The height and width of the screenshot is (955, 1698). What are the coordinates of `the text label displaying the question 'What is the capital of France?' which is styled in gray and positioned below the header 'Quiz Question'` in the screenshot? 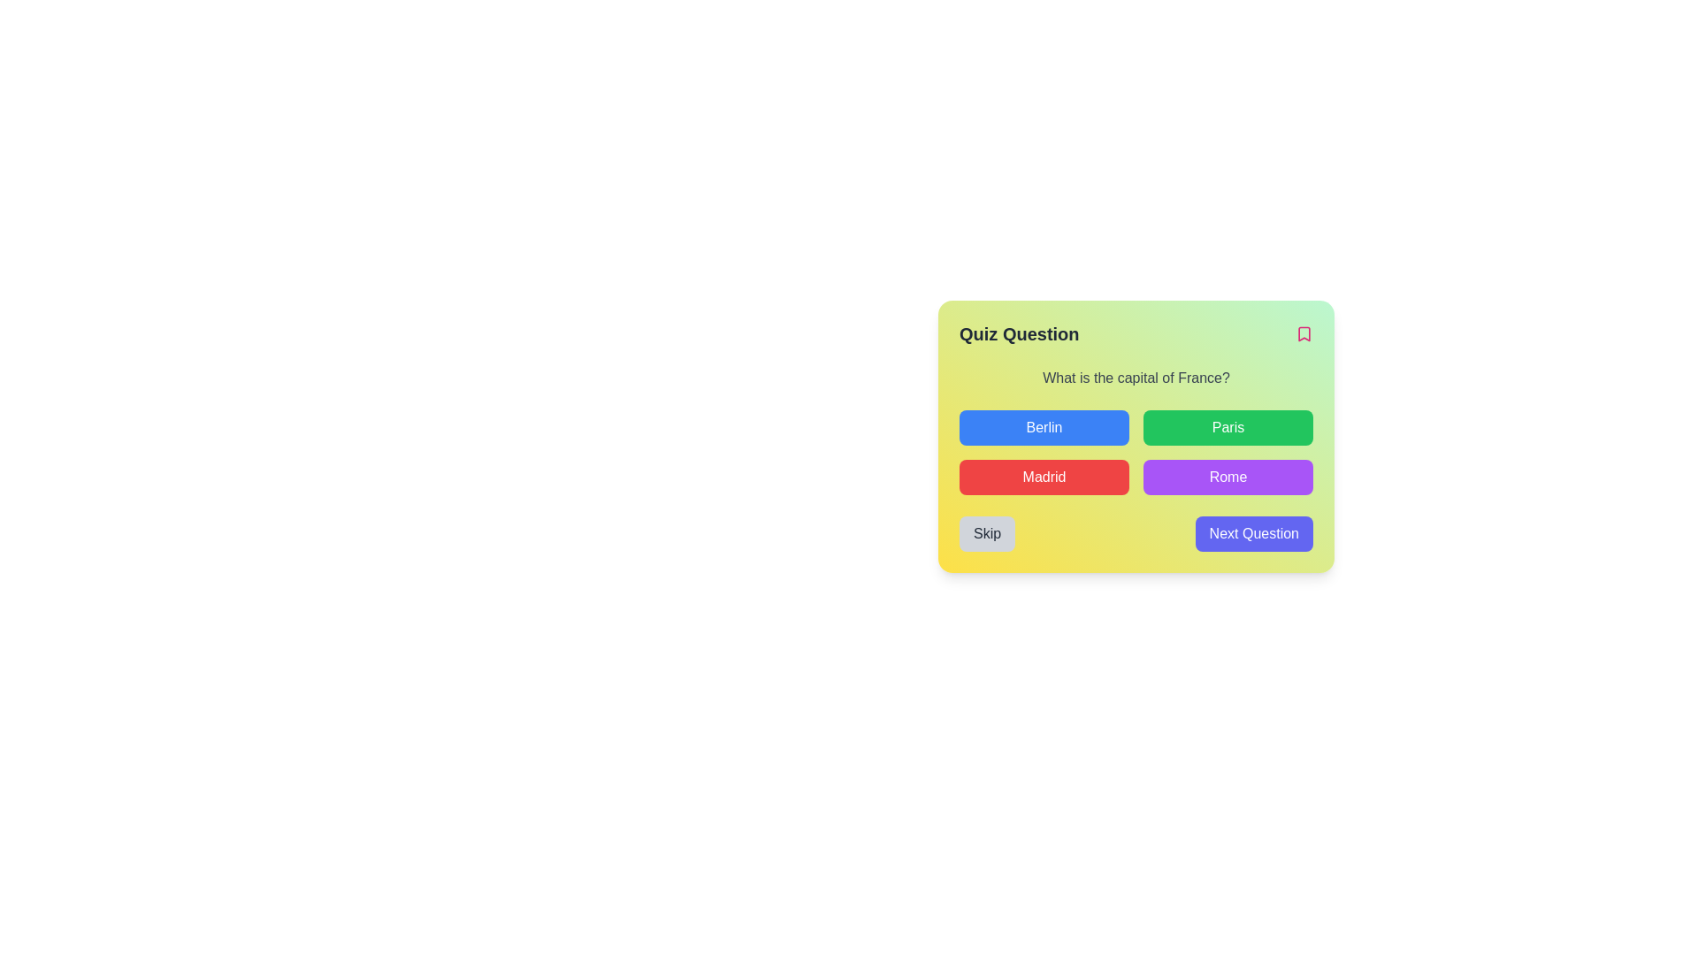 It's located at (1136, 378).